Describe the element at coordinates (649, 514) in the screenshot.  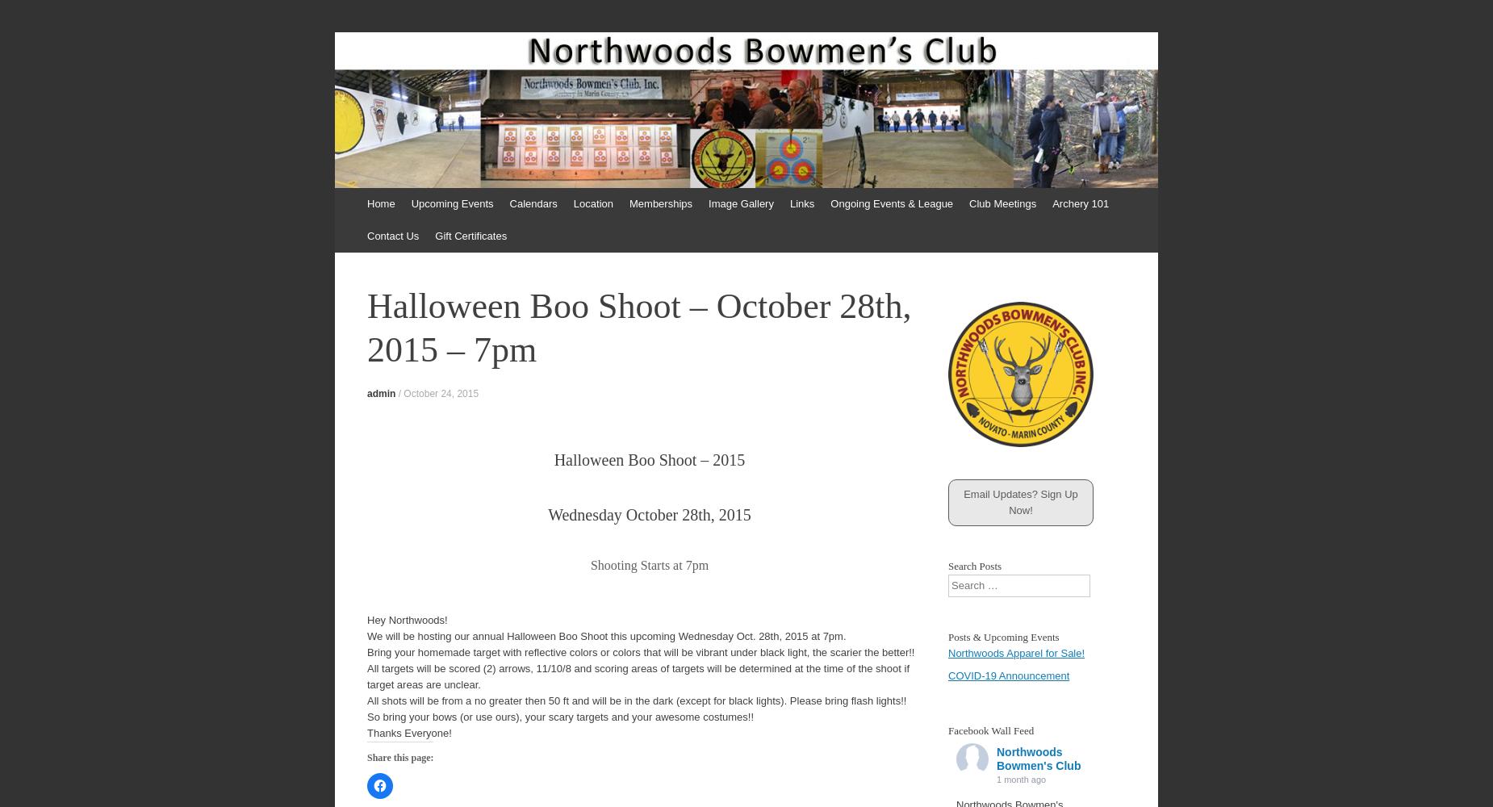
I see `'Wednesday October 28th, 2015'` at that location.